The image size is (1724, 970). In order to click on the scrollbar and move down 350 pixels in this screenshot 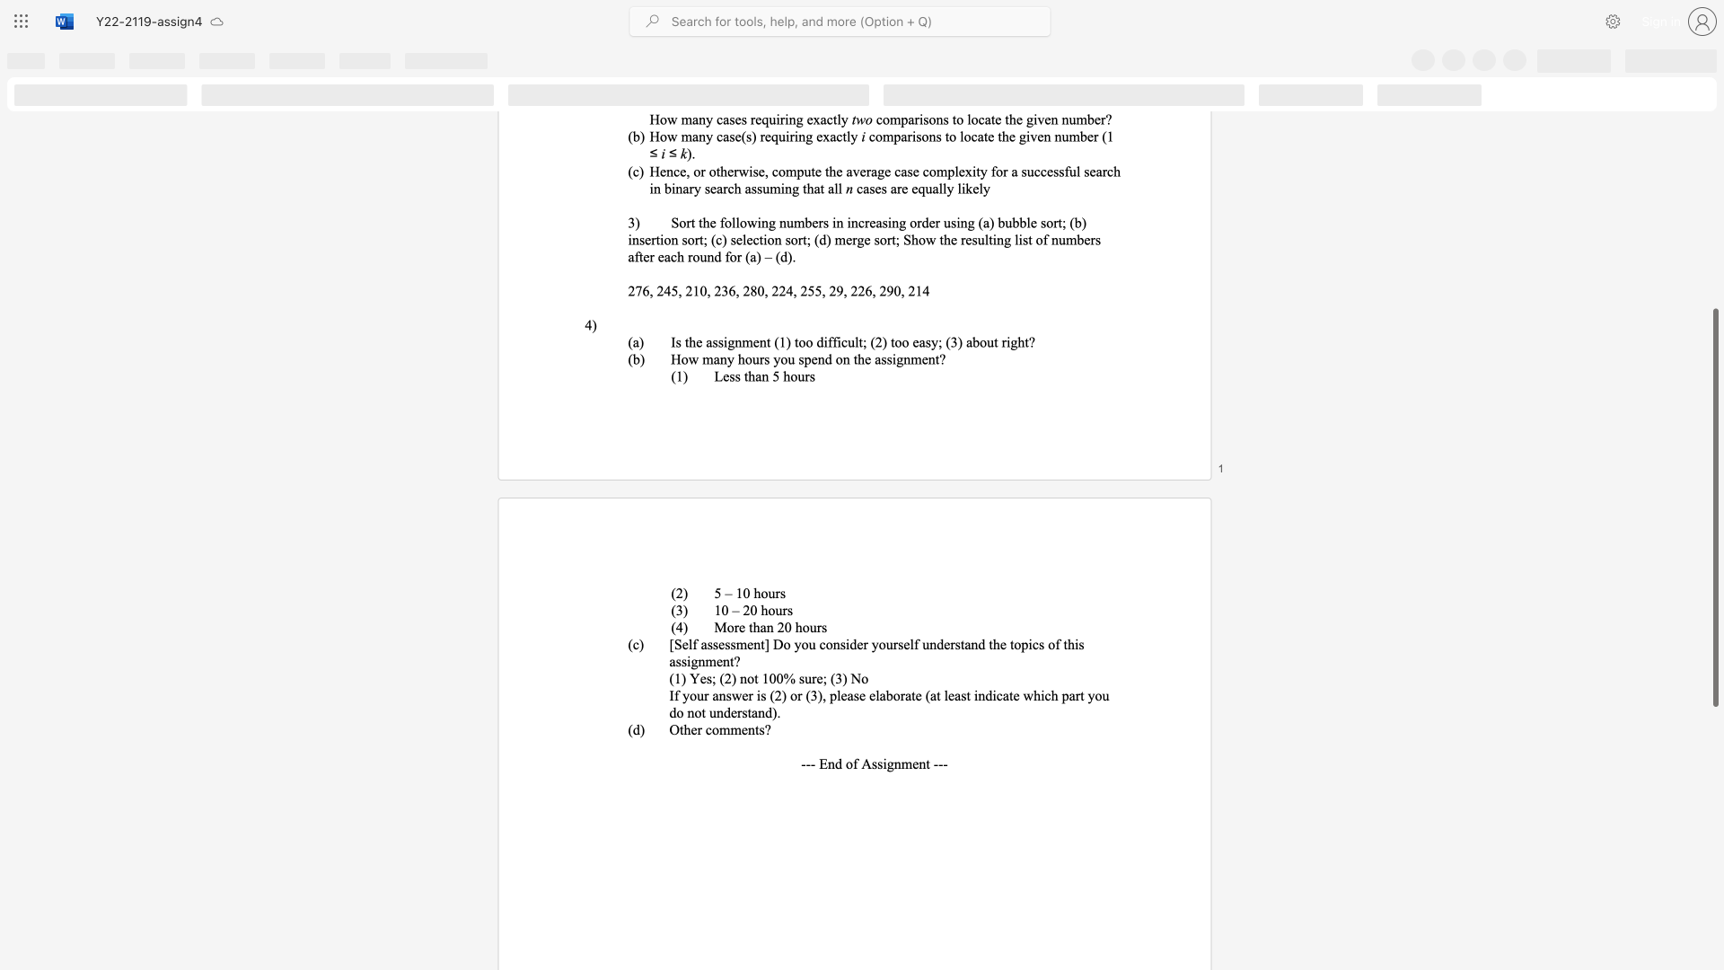, I will do `click(1714, 507)`.